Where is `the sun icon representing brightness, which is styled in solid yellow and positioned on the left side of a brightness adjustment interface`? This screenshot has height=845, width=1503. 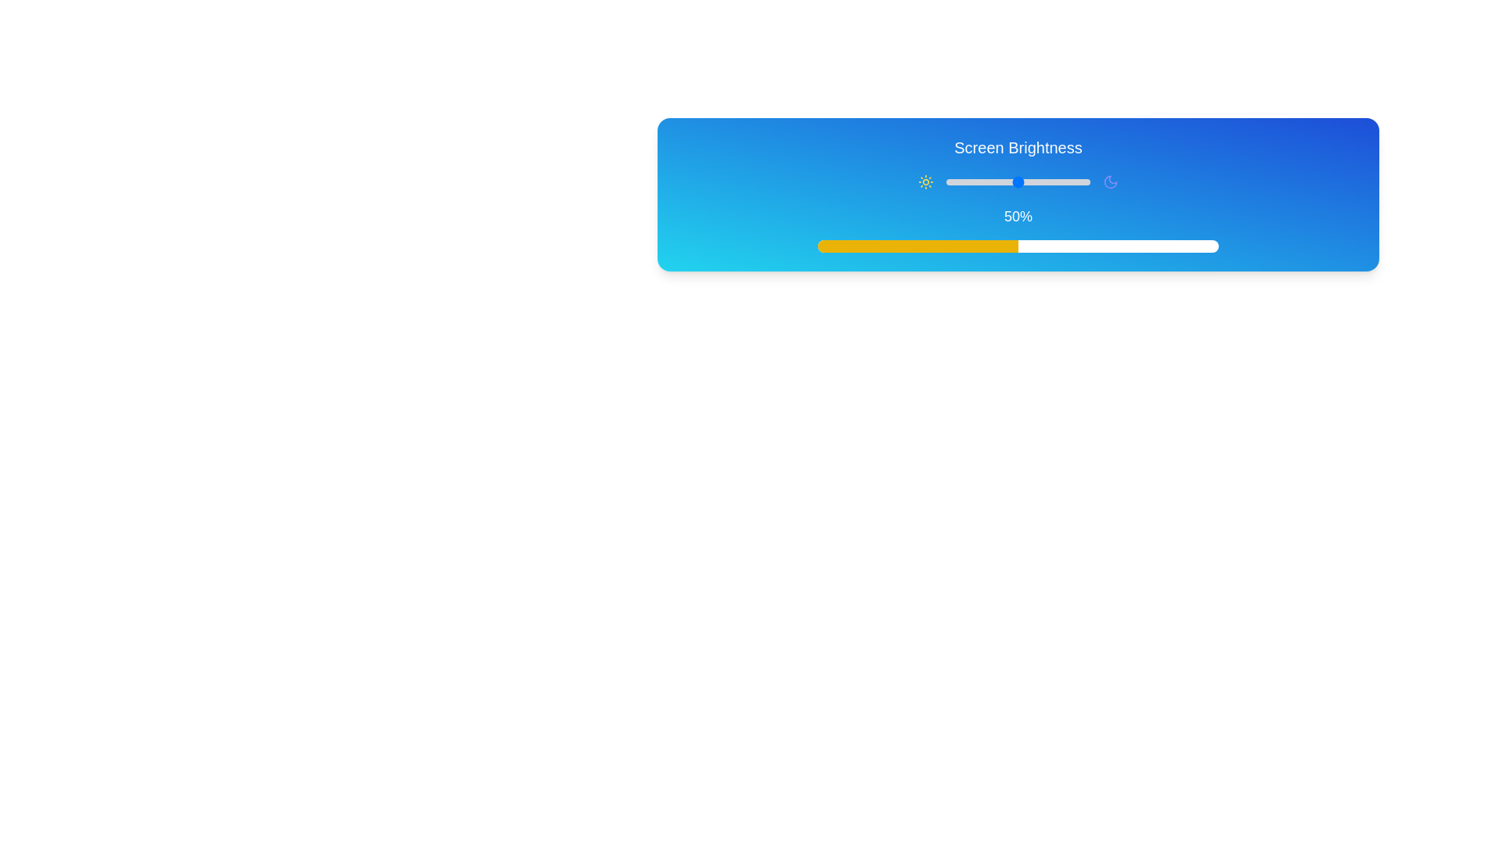
the sun icon representing brightness, which is styled in solid yellow and positioned on the left side of a brightness adjustment interface is located at coordinates (926, 181).